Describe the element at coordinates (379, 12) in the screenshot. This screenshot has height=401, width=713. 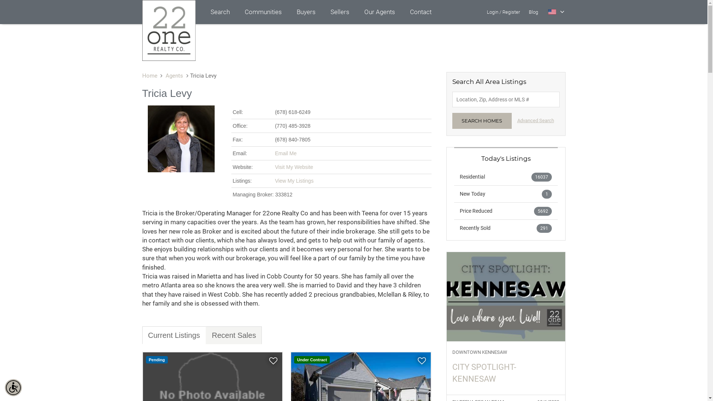
I see `'Our Agents'` at that location.